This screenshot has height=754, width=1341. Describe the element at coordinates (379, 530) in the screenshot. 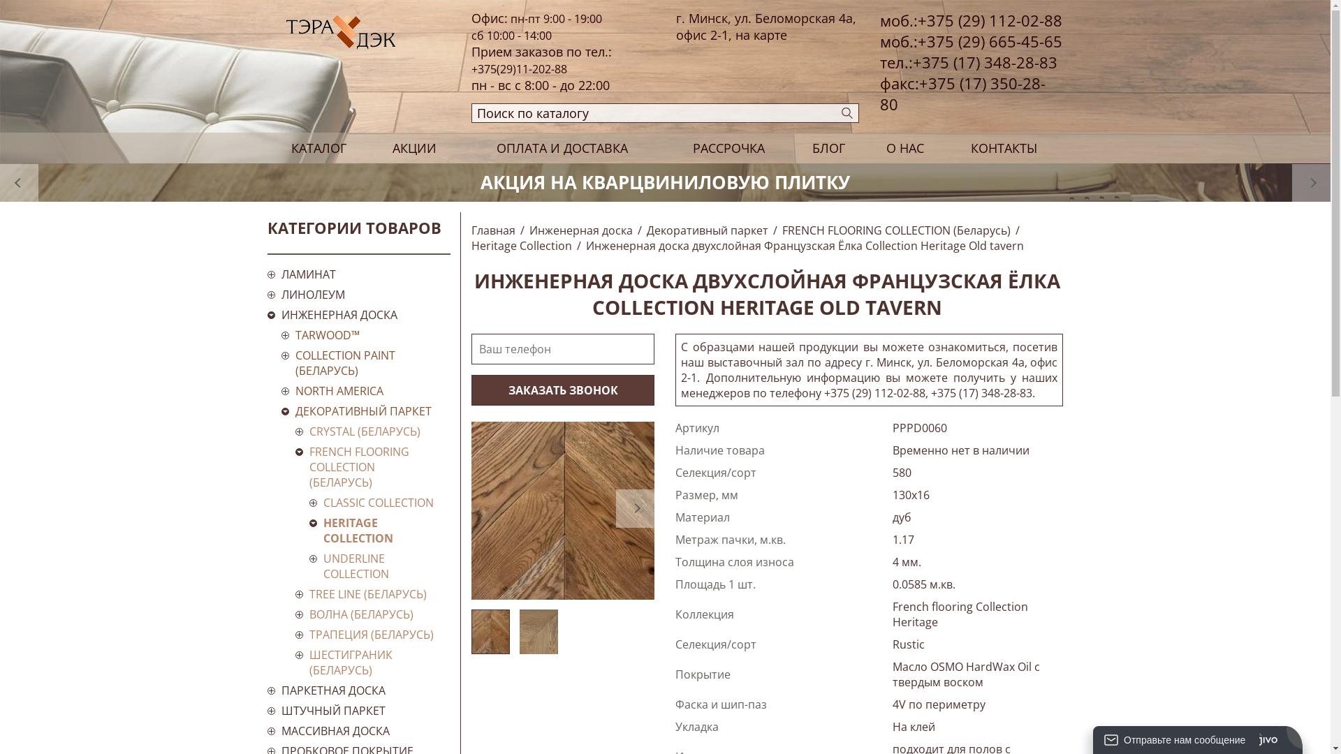

I see `'HERITAGE COLLECTION'` at that location.